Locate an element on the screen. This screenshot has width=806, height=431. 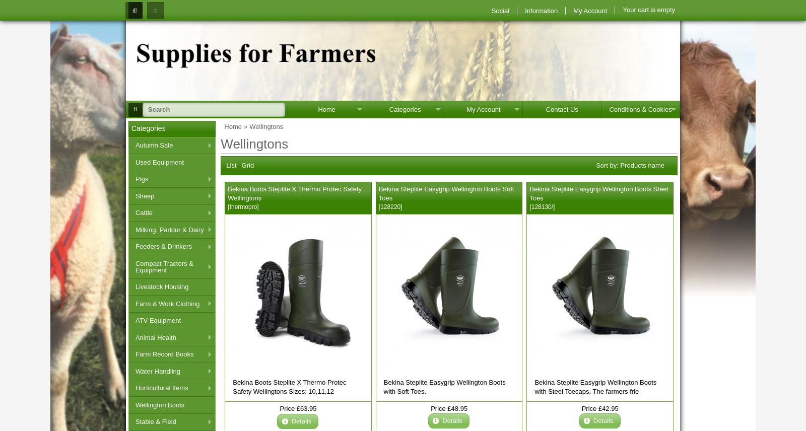
'Used Equipment' is located at coordinates (135, 162).